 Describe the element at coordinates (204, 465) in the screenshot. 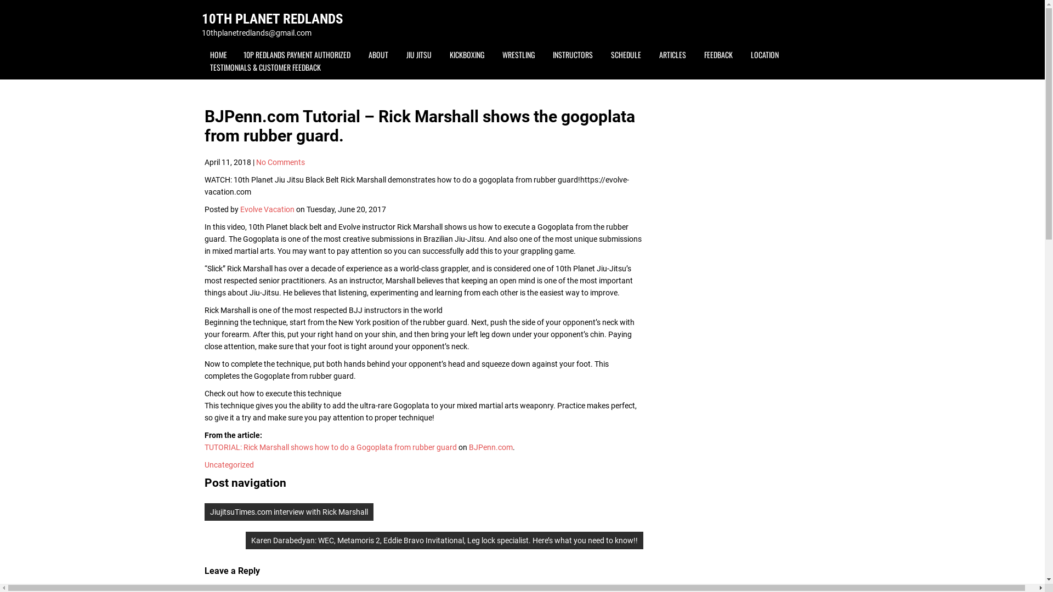

I see `'Uncategorized'` at that location.